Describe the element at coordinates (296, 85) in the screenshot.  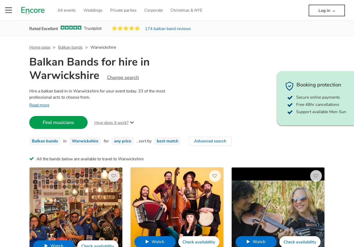
I see `'Booking protection'` at that location.